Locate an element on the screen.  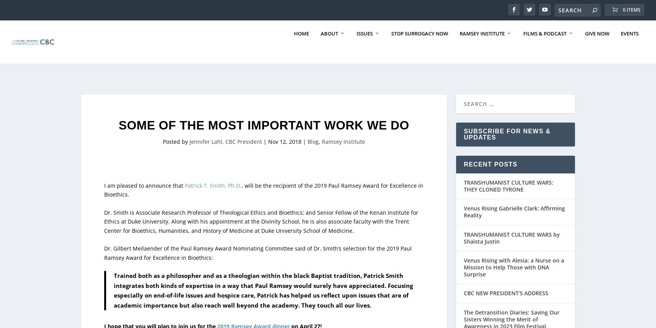
'Give Now' is located at coordinates (585, 49).